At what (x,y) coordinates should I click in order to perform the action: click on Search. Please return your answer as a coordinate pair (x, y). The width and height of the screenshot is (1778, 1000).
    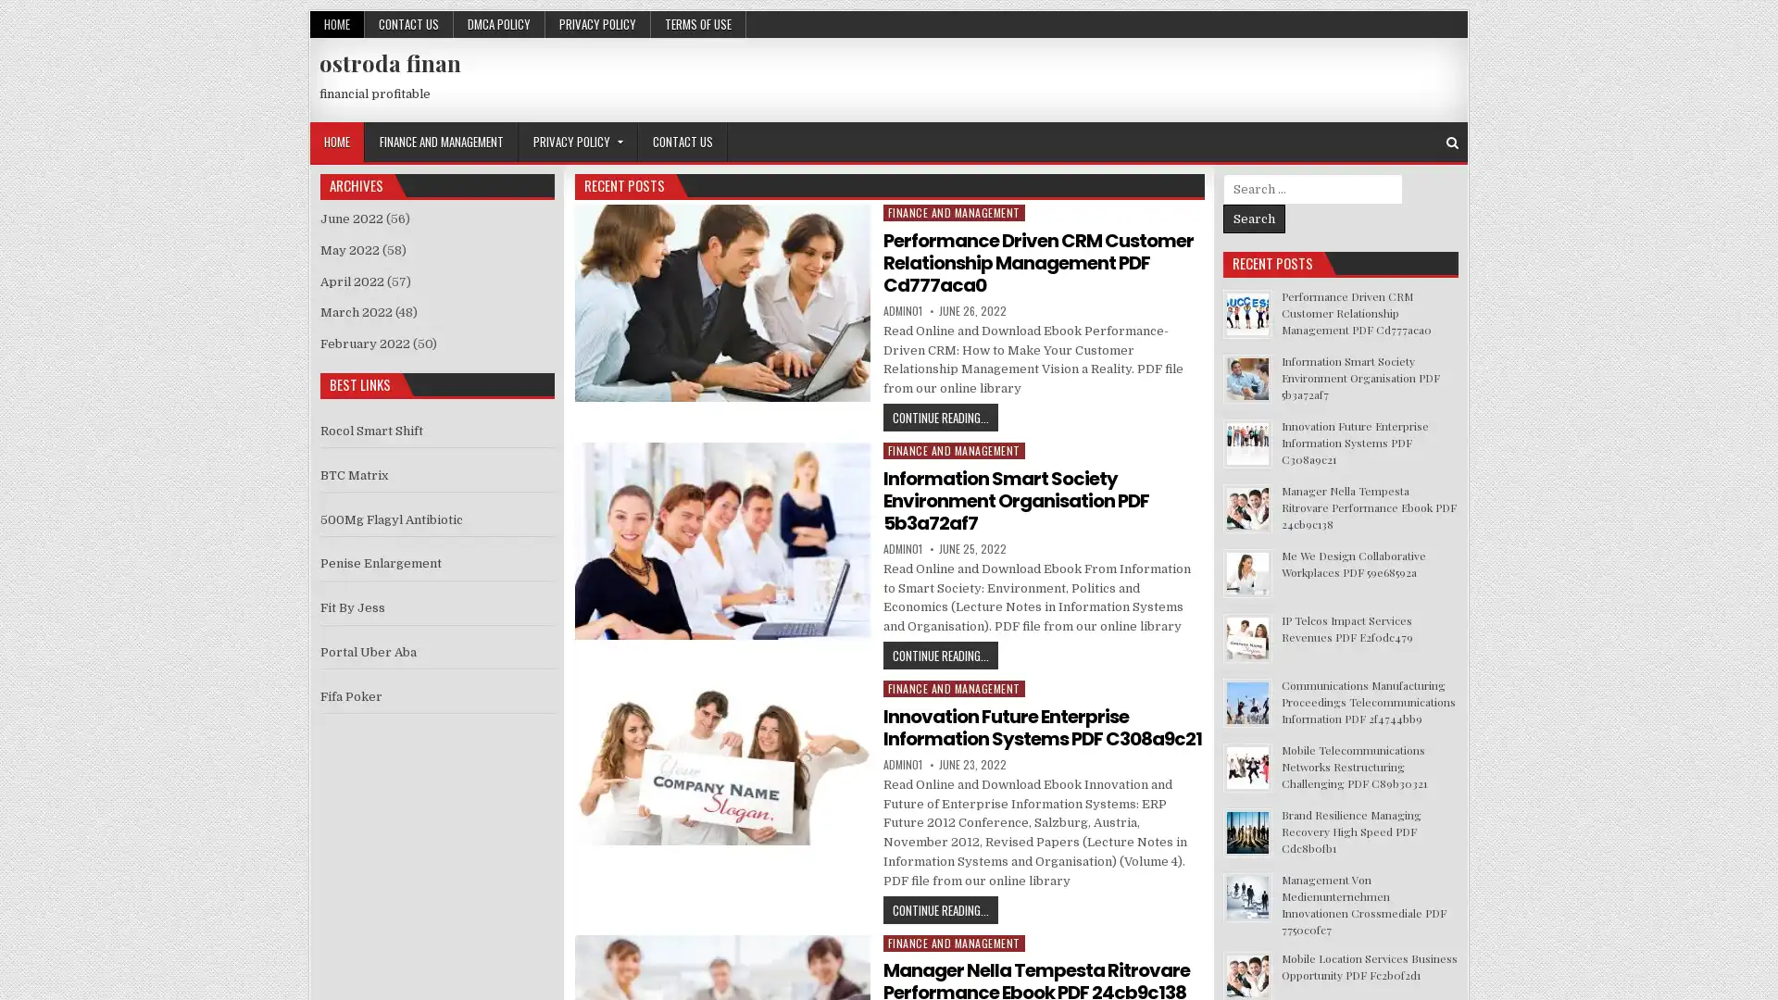
    Looking at the image, I should click on (1254, 218).